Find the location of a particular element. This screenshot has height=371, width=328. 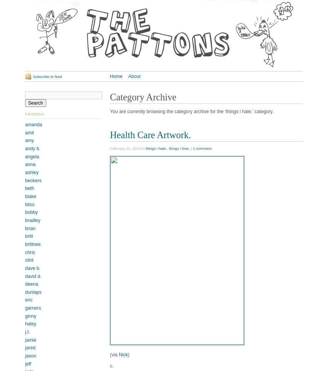

'amy' is located at coordinates (29, 140).